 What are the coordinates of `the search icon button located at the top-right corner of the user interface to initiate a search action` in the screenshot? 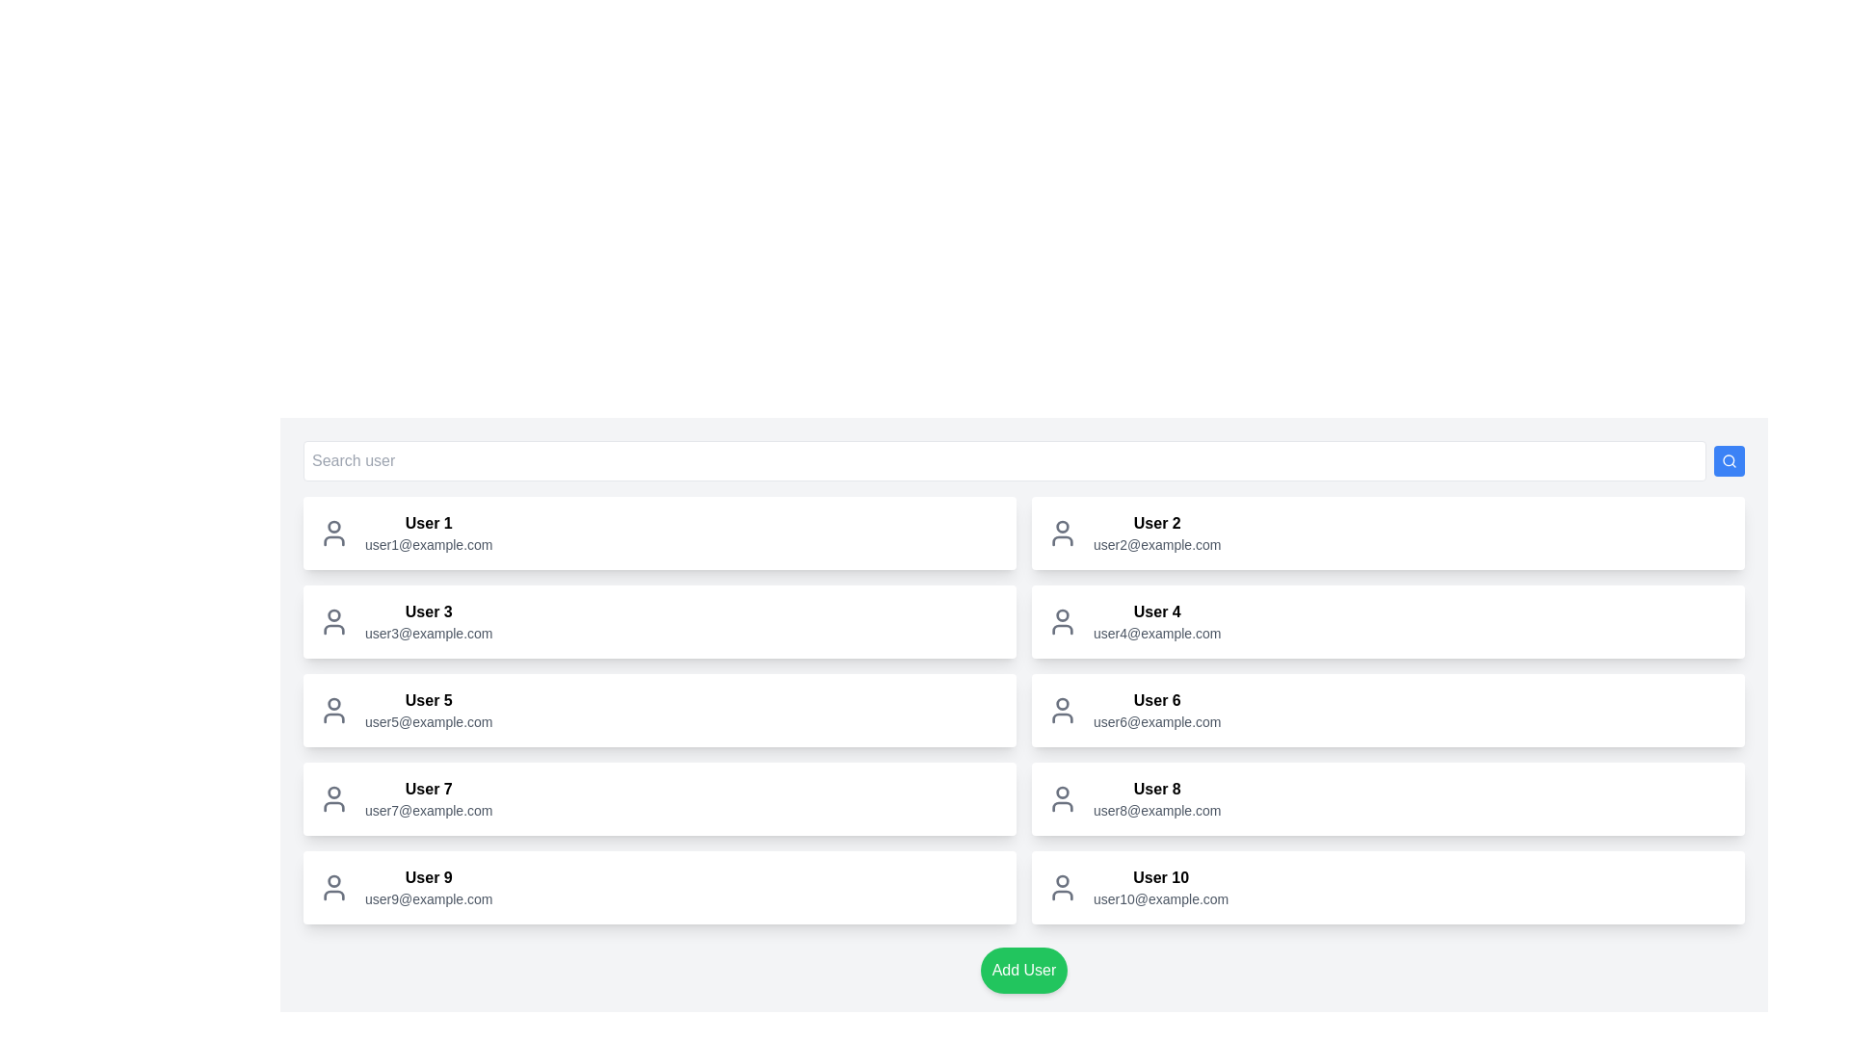 It's located at (1730, 460).